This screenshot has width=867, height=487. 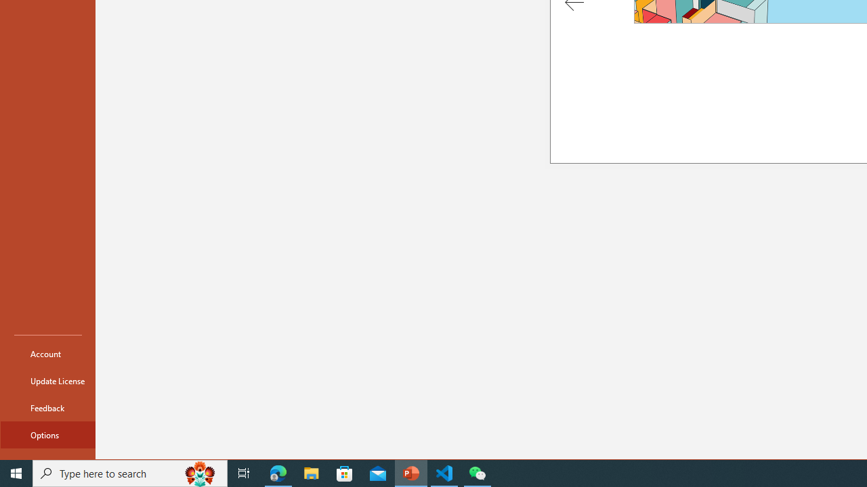 What do you see at coordinates (278, 472) in the screenshot?
I see `'Microsoft Edge - 1 running window'` at bounding box center [278, 472].